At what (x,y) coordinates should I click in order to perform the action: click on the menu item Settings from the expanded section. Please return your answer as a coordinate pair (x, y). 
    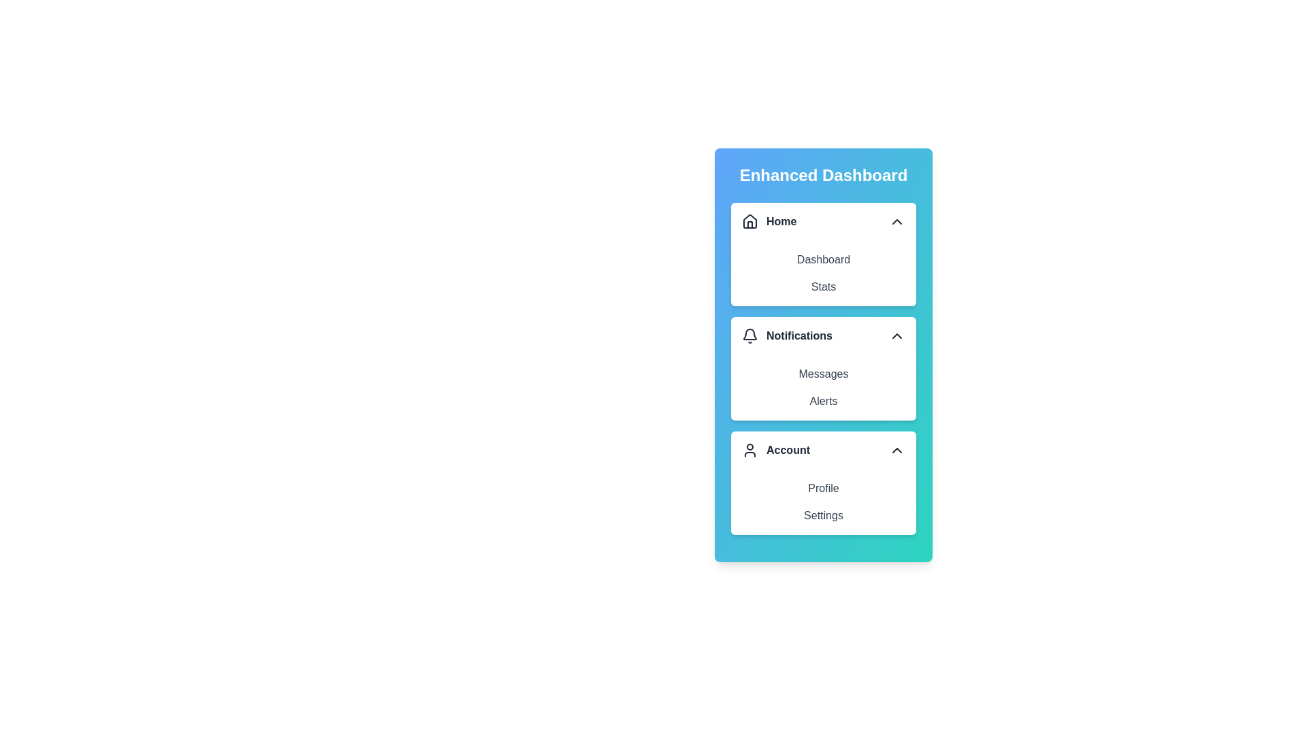
    Looking at the image, I should click on (822, 516).